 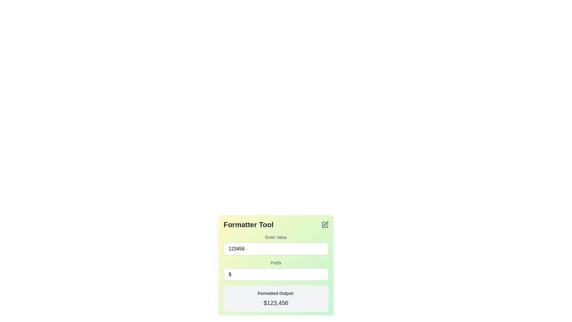 I want to click on the geometric pen or edit icon located in the top-right corner of the 'Formatter Tool' box, so click(x=325, y=224).